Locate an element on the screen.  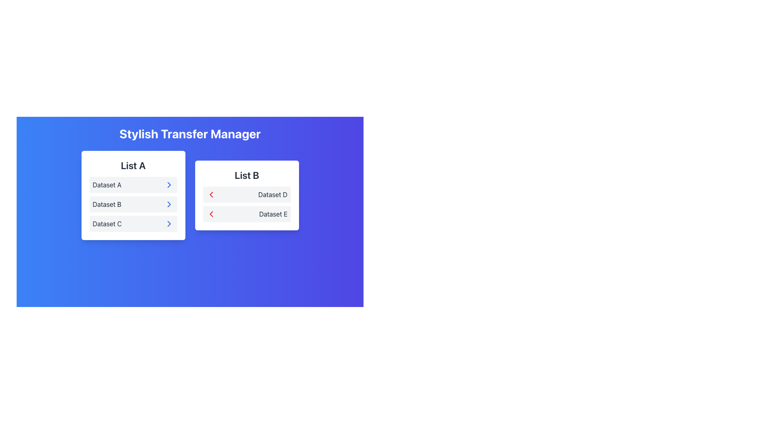
the rightward-pointing chevron icon next to the text 'Dataset B' in the card labeled 'List A' is located at coordinates (168, 204).